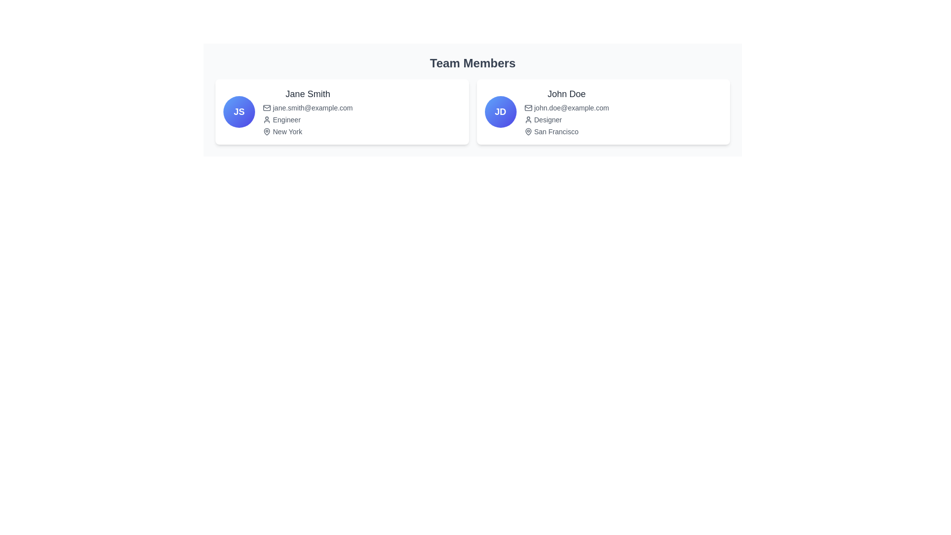 The width and height of the screenshot is (951, 535). I want to click on the user icon represented as a dark outline of a person, located immediately preceding the text 'Engineer' within Jane Smith's profile card, so click(266, 119).